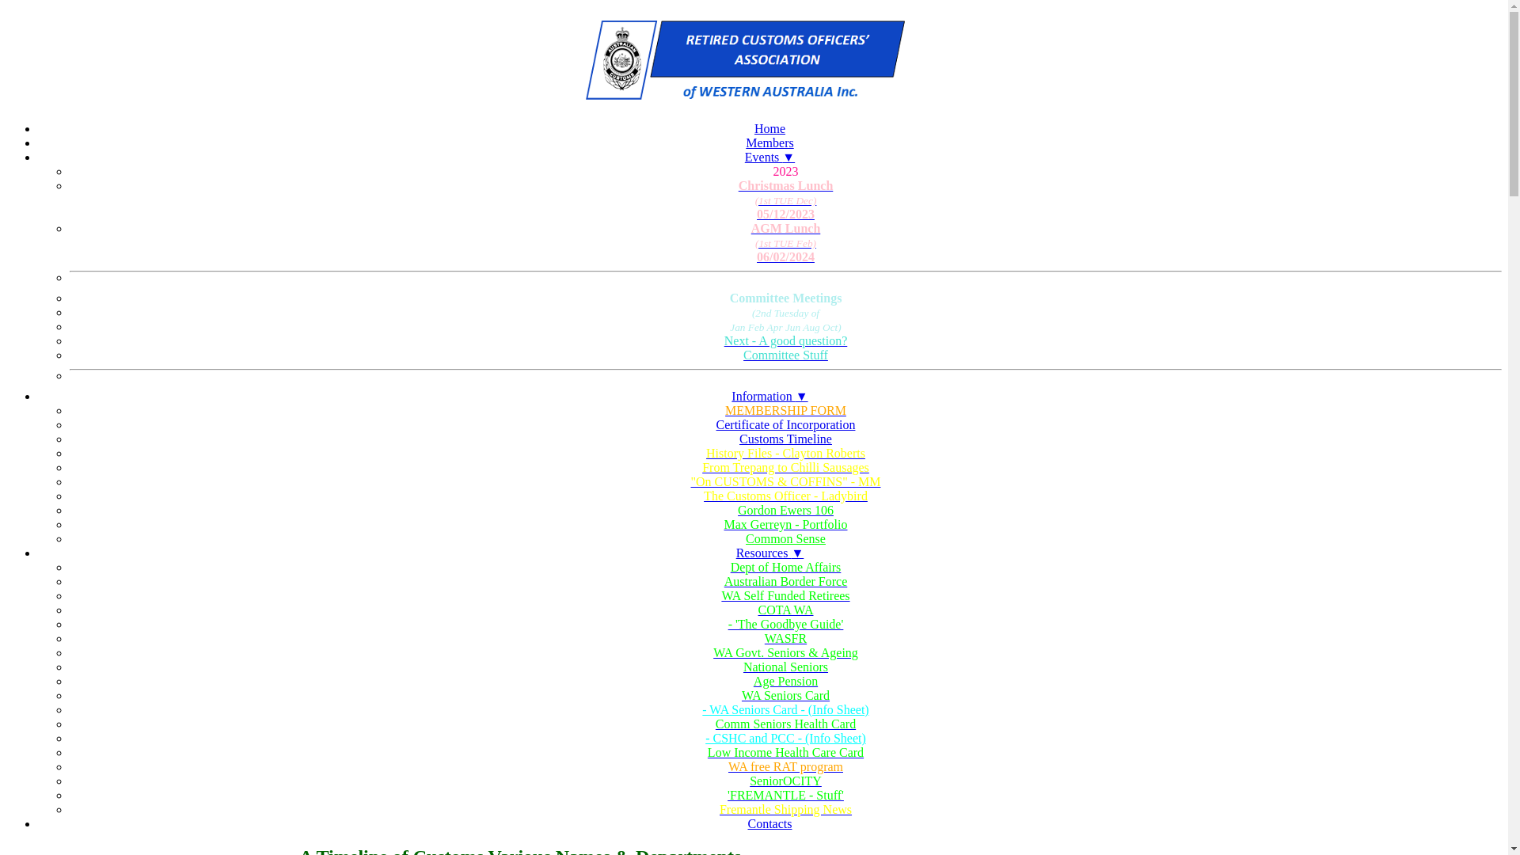 This screenshot has width=1520, height=855. I want to click on '"On CUSTOMS & COFFINS" - MM', so click(785, 481).